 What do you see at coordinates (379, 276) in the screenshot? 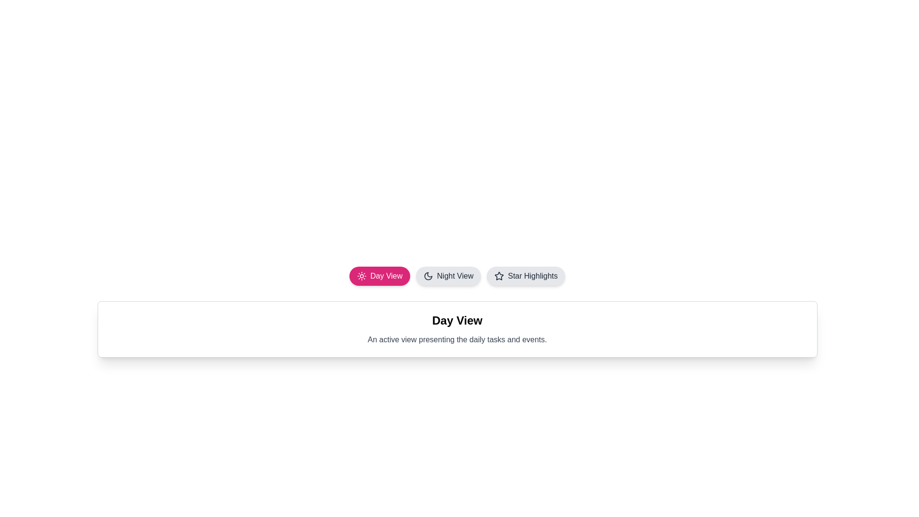
I see `the tab button labeled 'Day View'` at bounding box center [379, 276].